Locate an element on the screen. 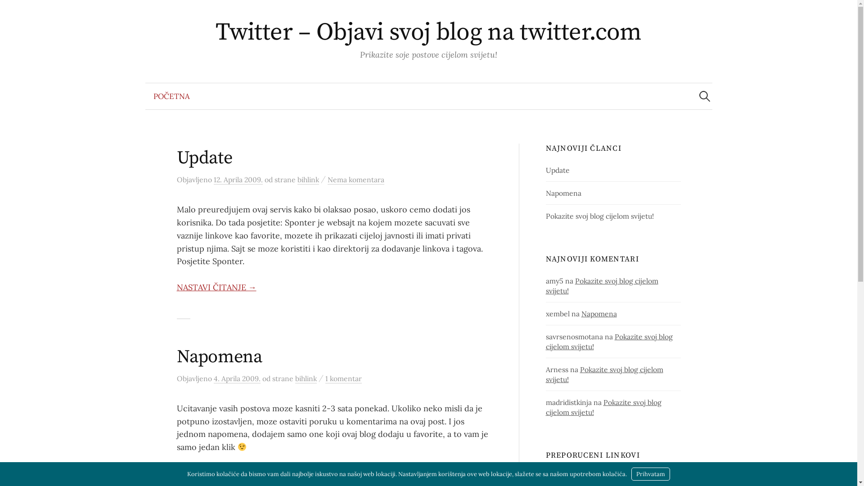 The width and height of the screenshot is (864, 486). 'Prihvatam' is located at coordinates (650, 473).